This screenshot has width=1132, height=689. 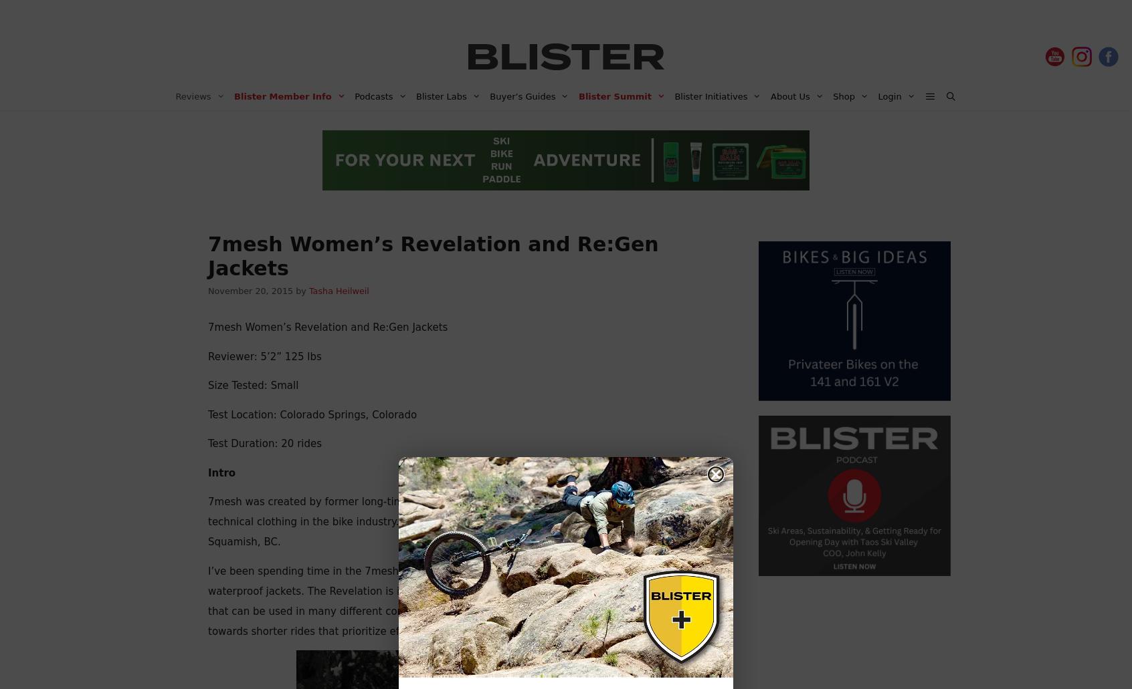 I want to click on 'Tasha Heilweil', so click(x=339, y=291).